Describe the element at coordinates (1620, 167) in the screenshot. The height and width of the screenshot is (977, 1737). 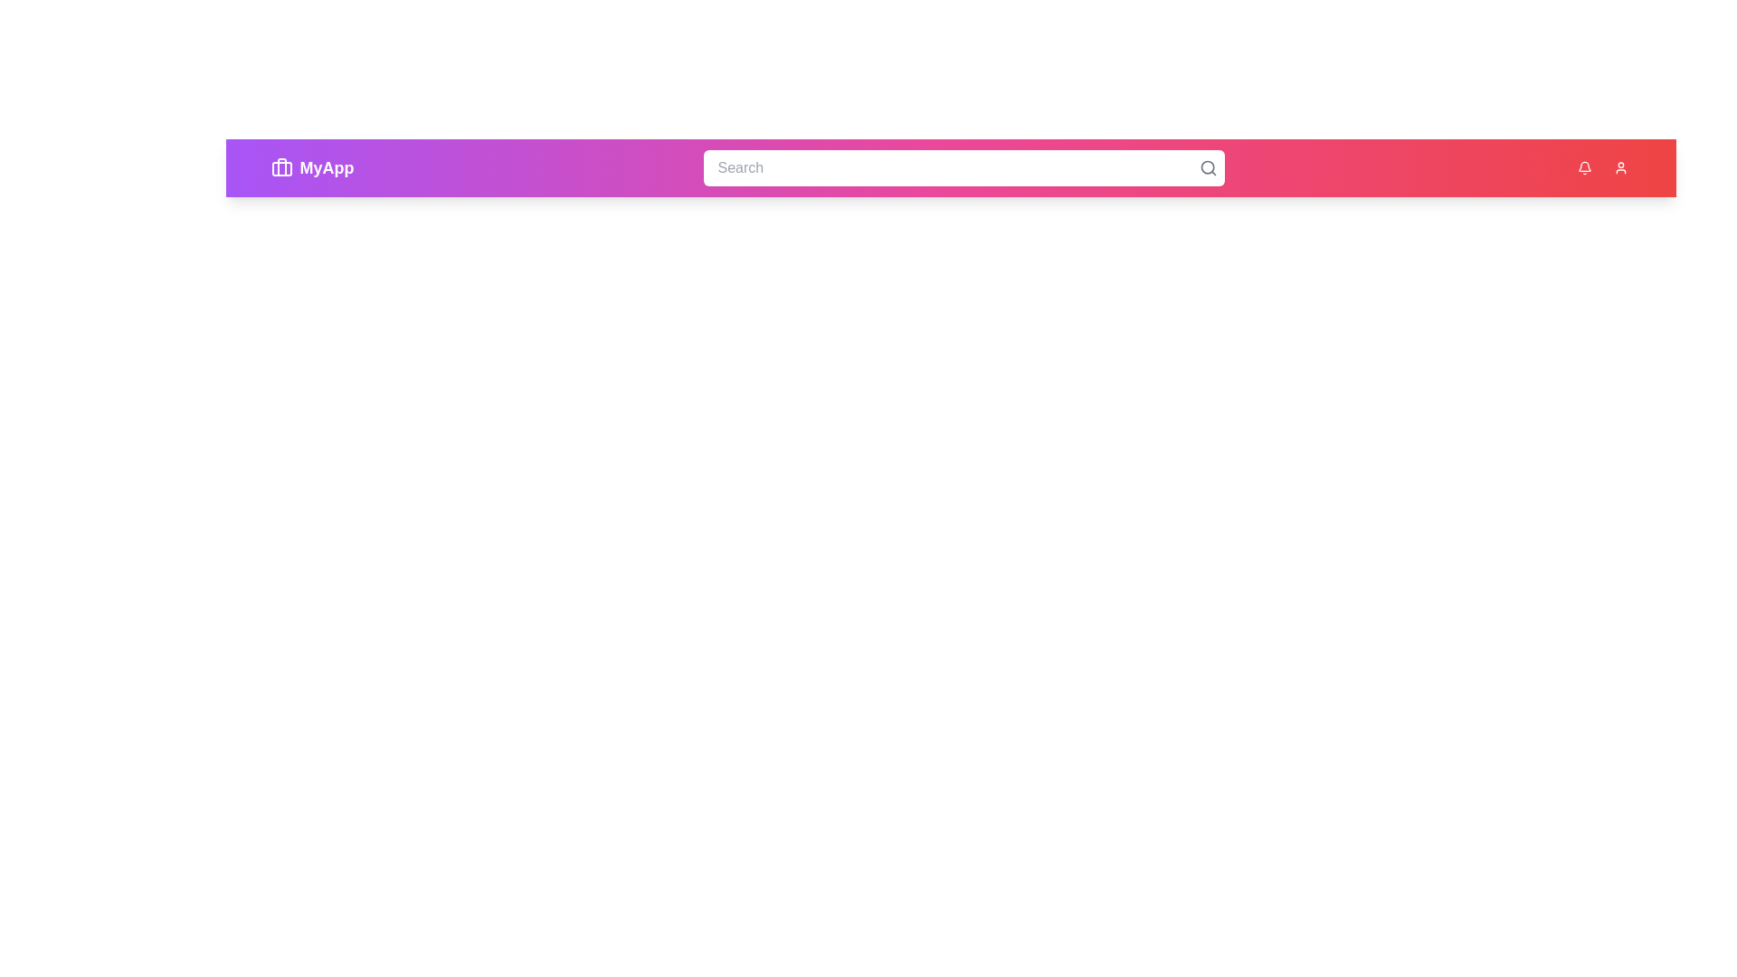
I see `the user icon to access user settings` at that location.